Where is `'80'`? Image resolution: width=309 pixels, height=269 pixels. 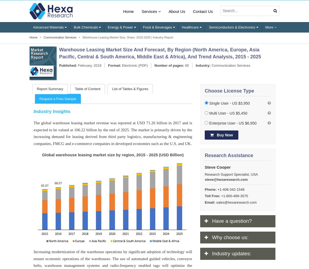 '80' is located at coordinates (186, 65).